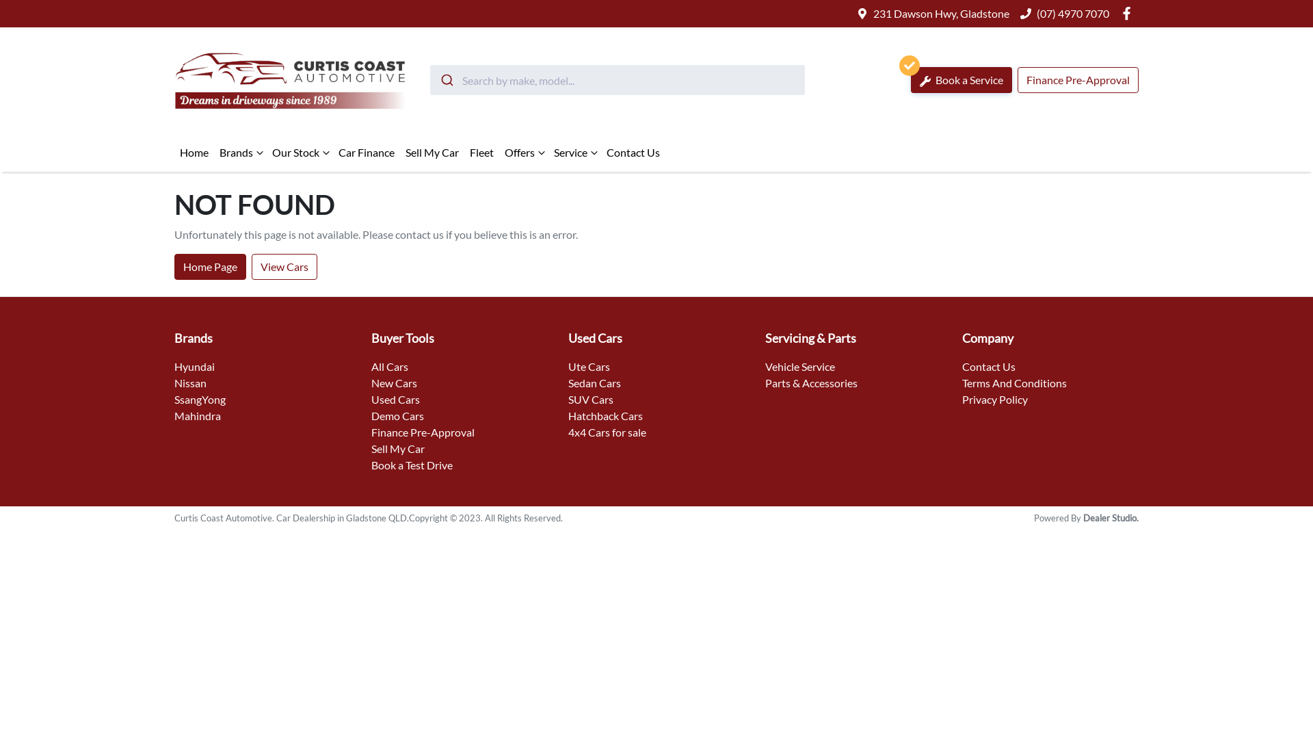 The image size is (1313, 739). Describe the element at coordinates (173, 399) in the screenshot. I see `'SsangYong'` at that location.